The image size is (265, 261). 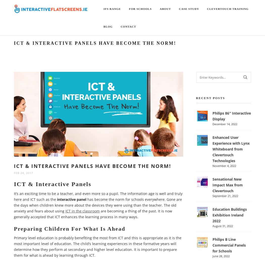 I want to click on 'Philips 86″ Interactive Display', so click(x=231, y=116).